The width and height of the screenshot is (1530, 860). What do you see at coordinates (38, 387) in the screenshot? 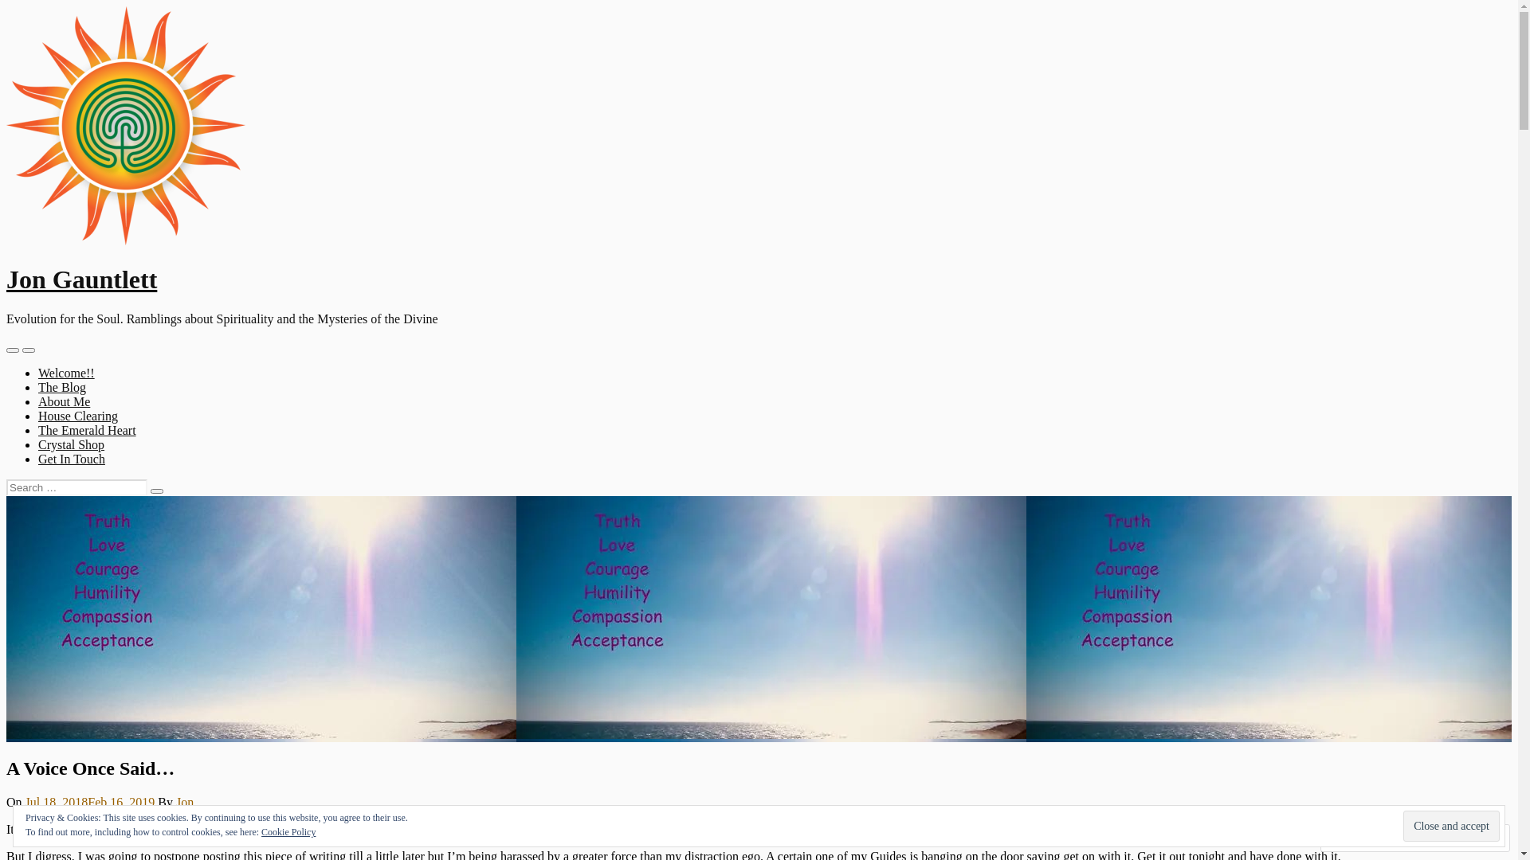
I see `'The Blog'` at bounding box center [38, 387].